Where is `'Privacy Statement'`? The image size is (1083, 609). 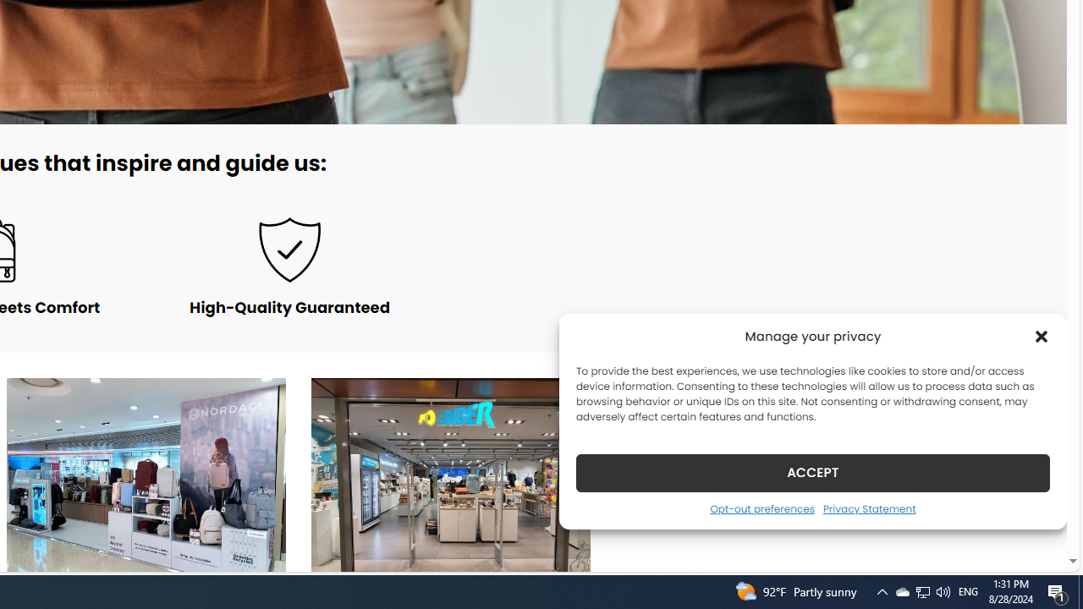 'Privacy Statement' is located at coordinates (869, 507).